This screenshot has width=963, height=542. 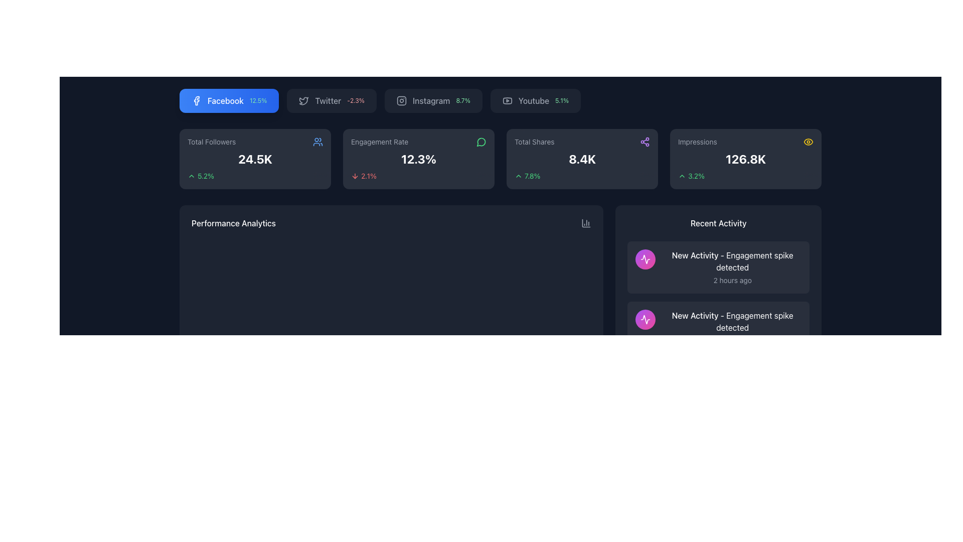 What do you see at coordinates (646, 319) in the screenshot?
I see `the pink activity icon located in the 'Recent Activity' panel` at bounding box center [646, 319].